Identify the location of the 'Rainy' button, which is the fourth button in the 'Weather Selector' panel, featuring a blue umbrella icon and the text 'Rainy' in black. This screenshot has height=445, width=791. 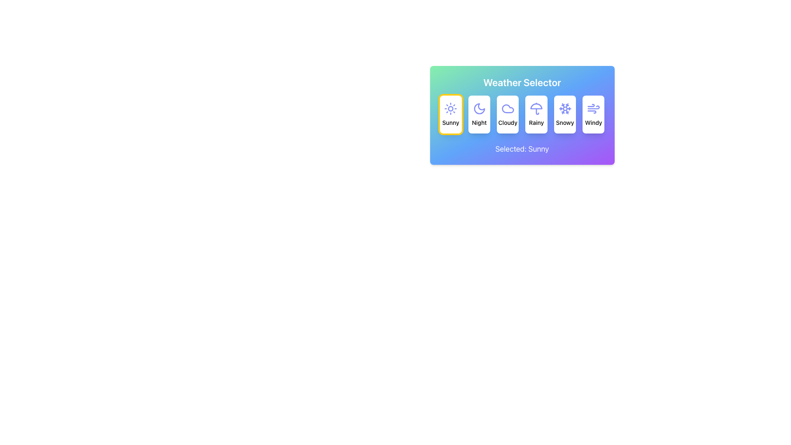
(536, 114).